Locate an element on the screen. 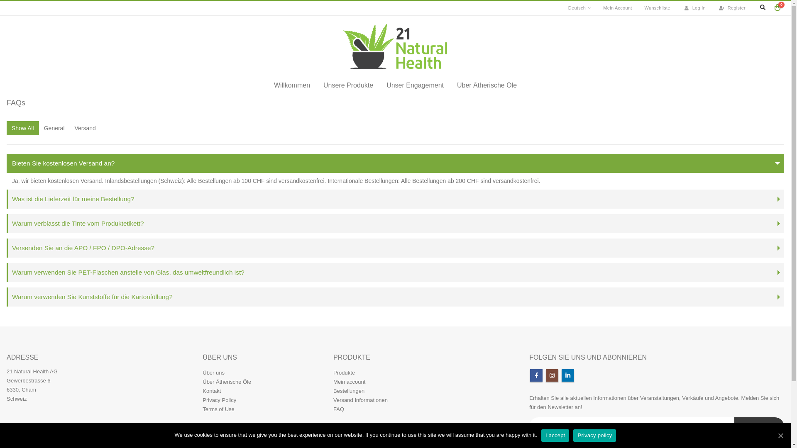 Image resolution: width=797 pixels, height=448 pixels. 'Register' is located at coordinates (731, 8).